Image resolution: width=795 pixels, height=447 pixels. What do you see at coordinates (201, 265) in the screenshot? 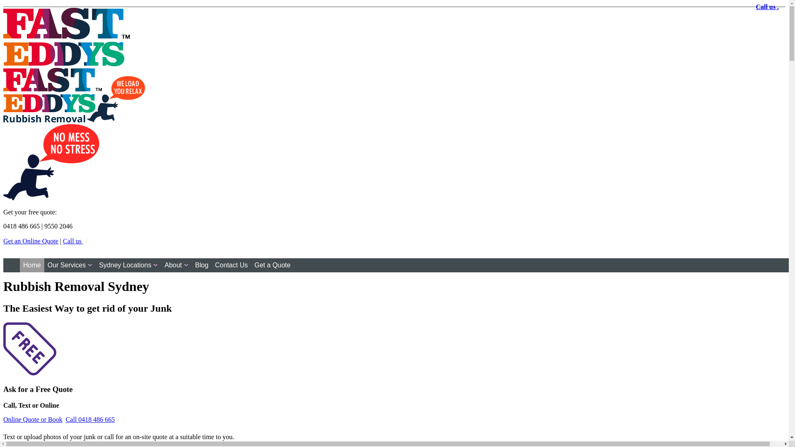
I see `'Blog'` at bounding box center [201, 265].